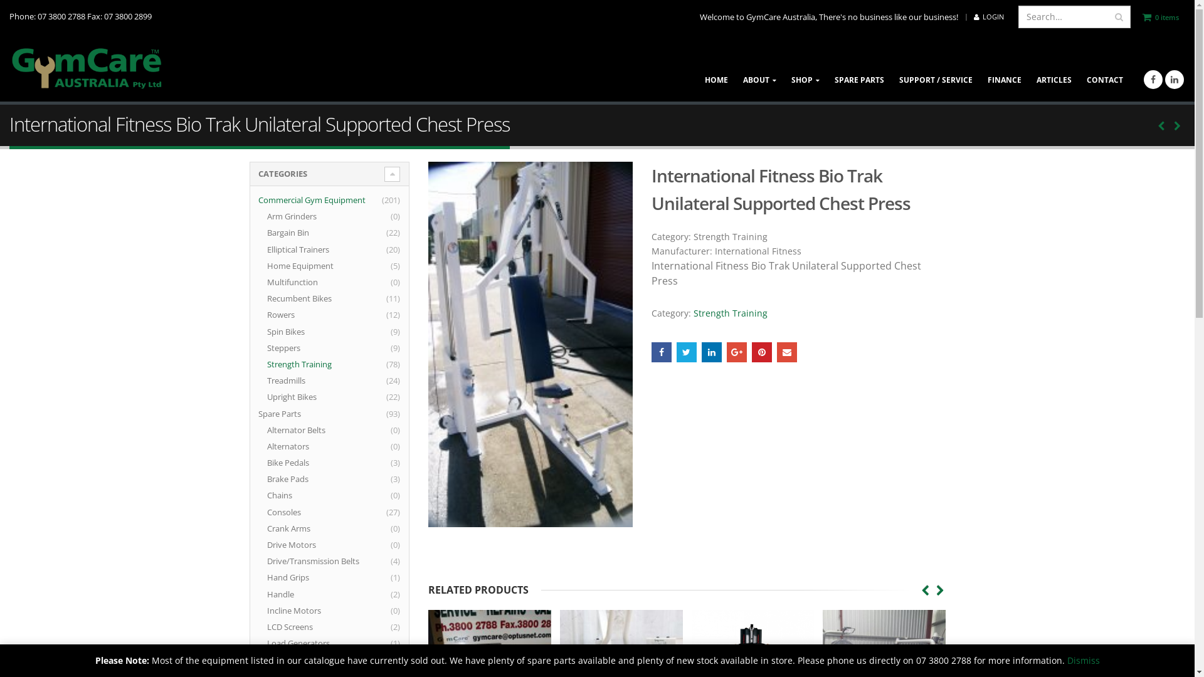 Image resolution: width=1204 pixels, height=677 pixels. I want to click on 'Pinterest', so click(761, 352).